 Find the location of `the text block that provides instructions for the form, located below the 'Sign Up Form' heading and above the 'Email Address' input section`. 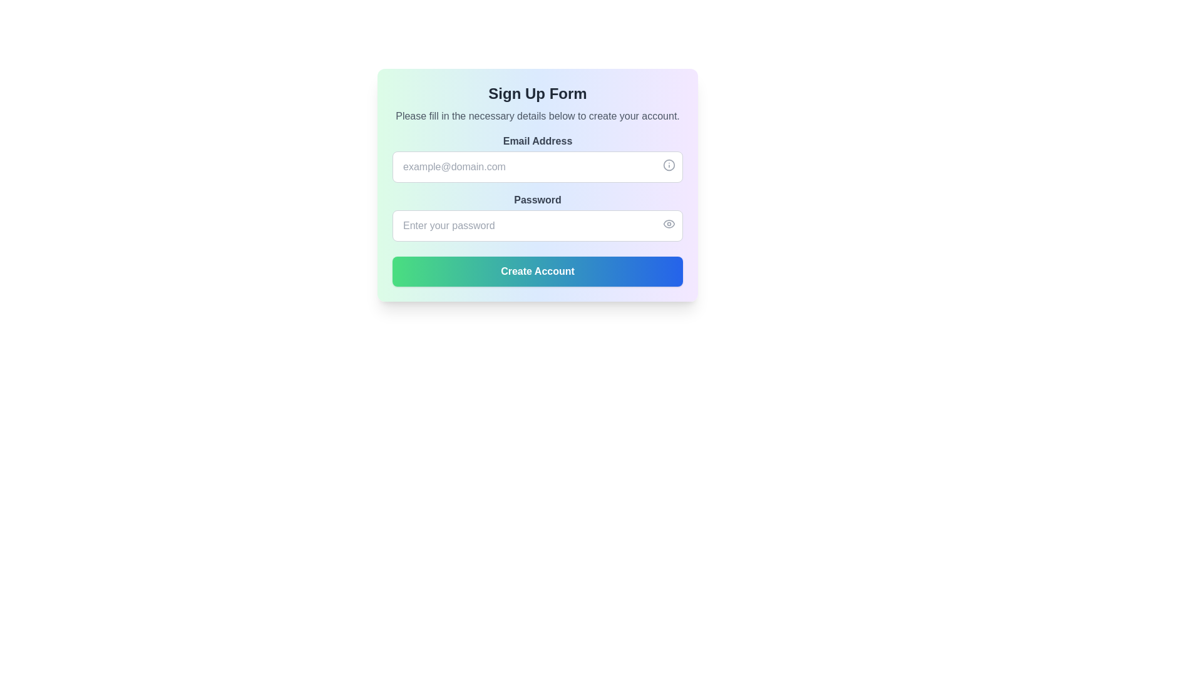

the text block that provides instructions for the form, located below the 'Sign Up Form' heading and above the 'Email Address' input section is located at coordinates (538, 116).